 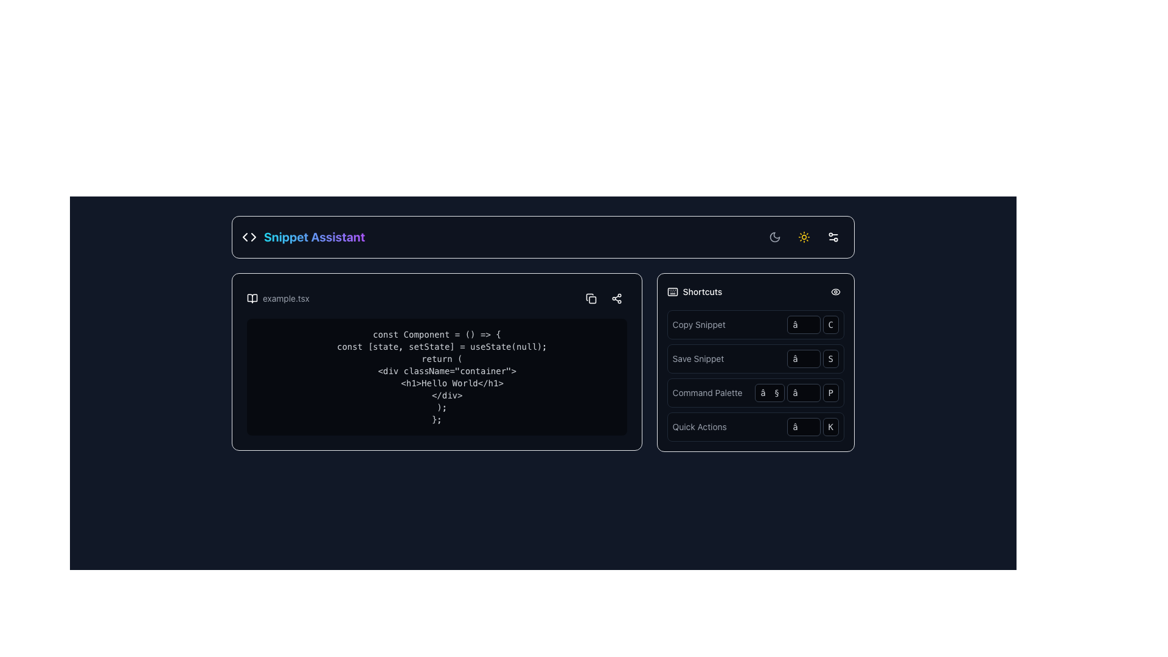 What do you see at coordinates (804, 237) in the screenshot?
I see `the sun icon located` at bounding box center [804, 237].